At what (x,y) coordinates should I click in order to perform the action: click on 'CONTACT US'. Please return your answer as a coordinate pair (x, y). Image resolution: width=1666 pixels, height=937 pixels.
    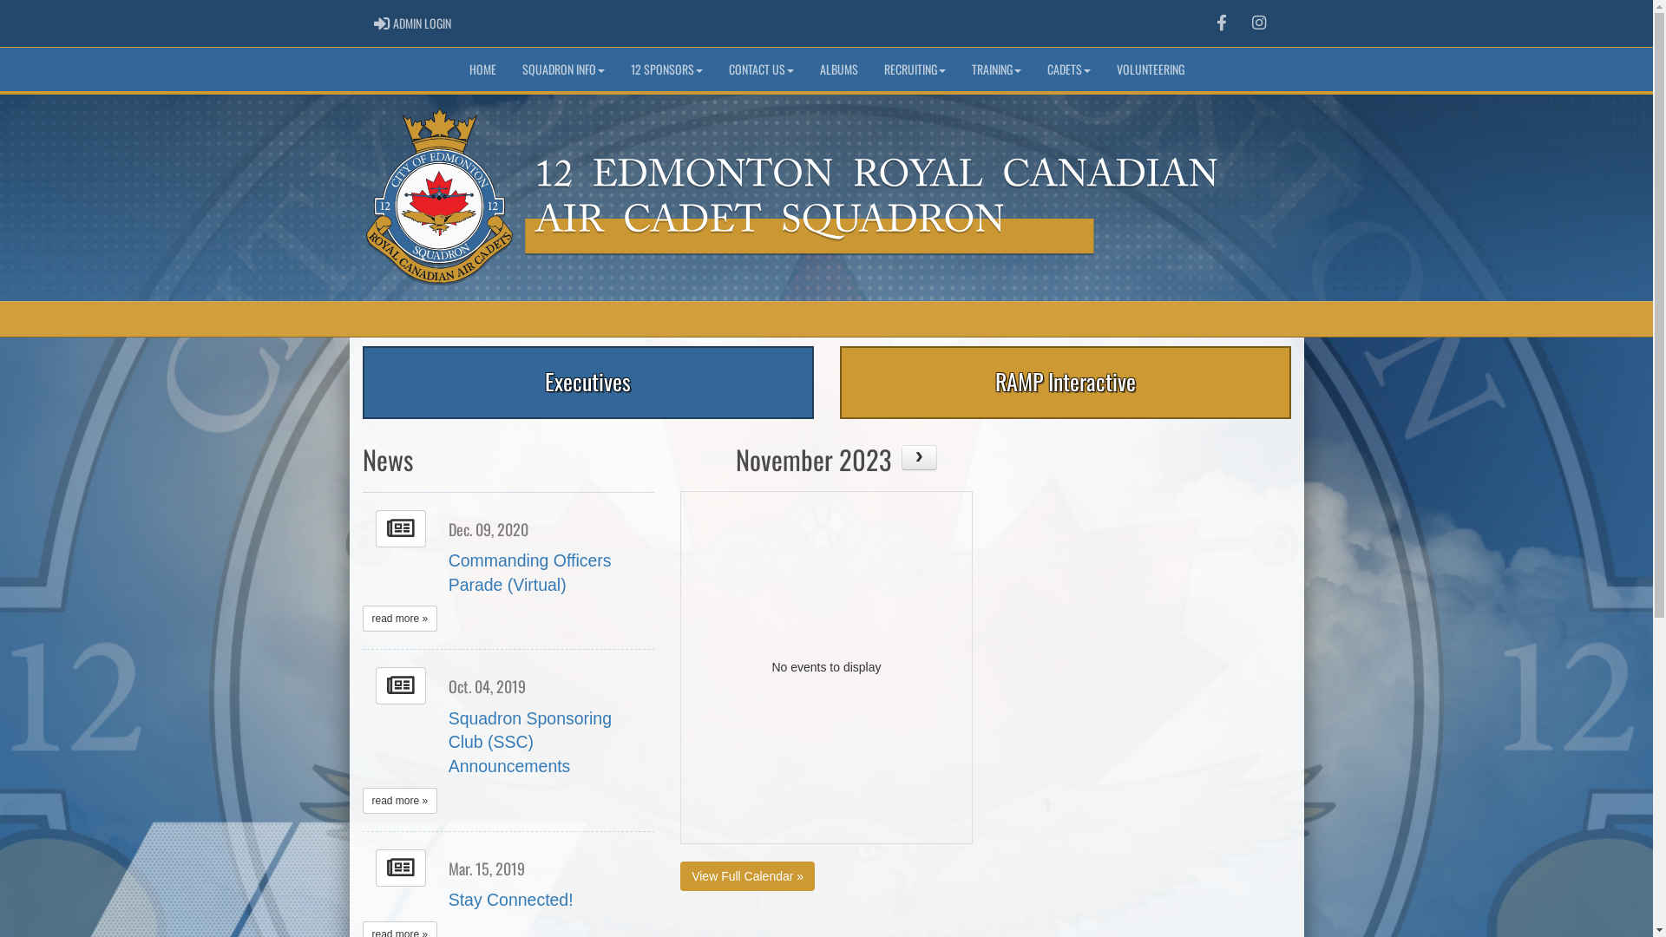
    Looking at the image, I should click on (760, 69).